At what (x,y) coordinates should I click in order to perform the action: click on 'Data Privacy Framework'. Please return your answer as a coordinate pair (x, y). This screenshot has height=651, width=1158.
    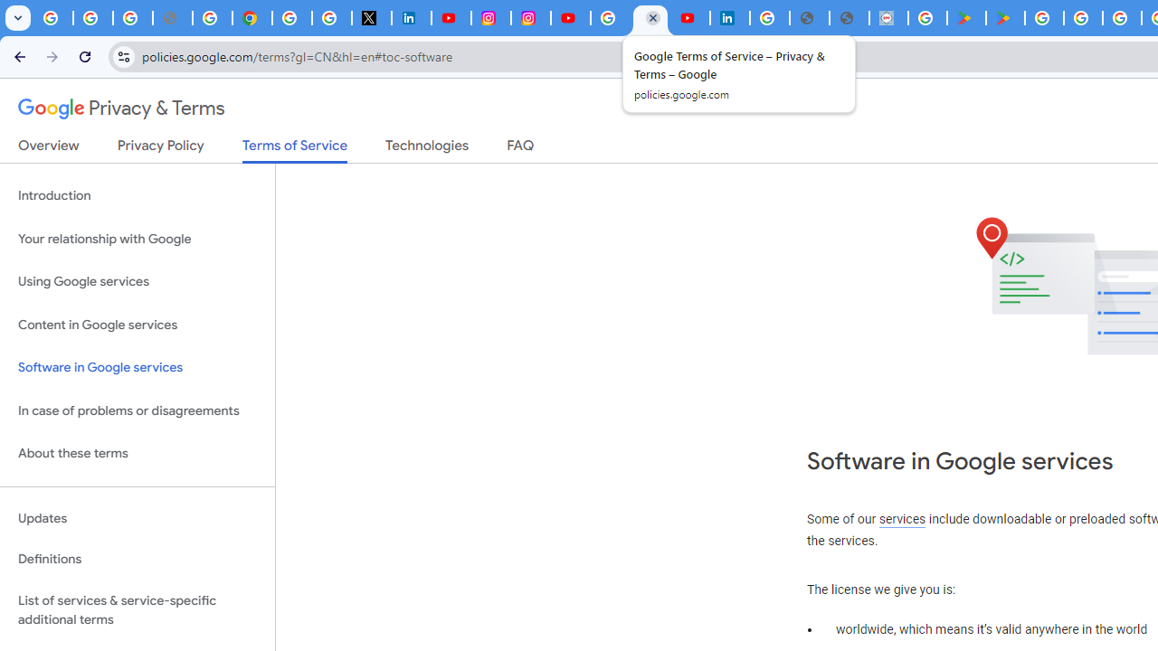
    Looking at the image, I should click on (888, 18).